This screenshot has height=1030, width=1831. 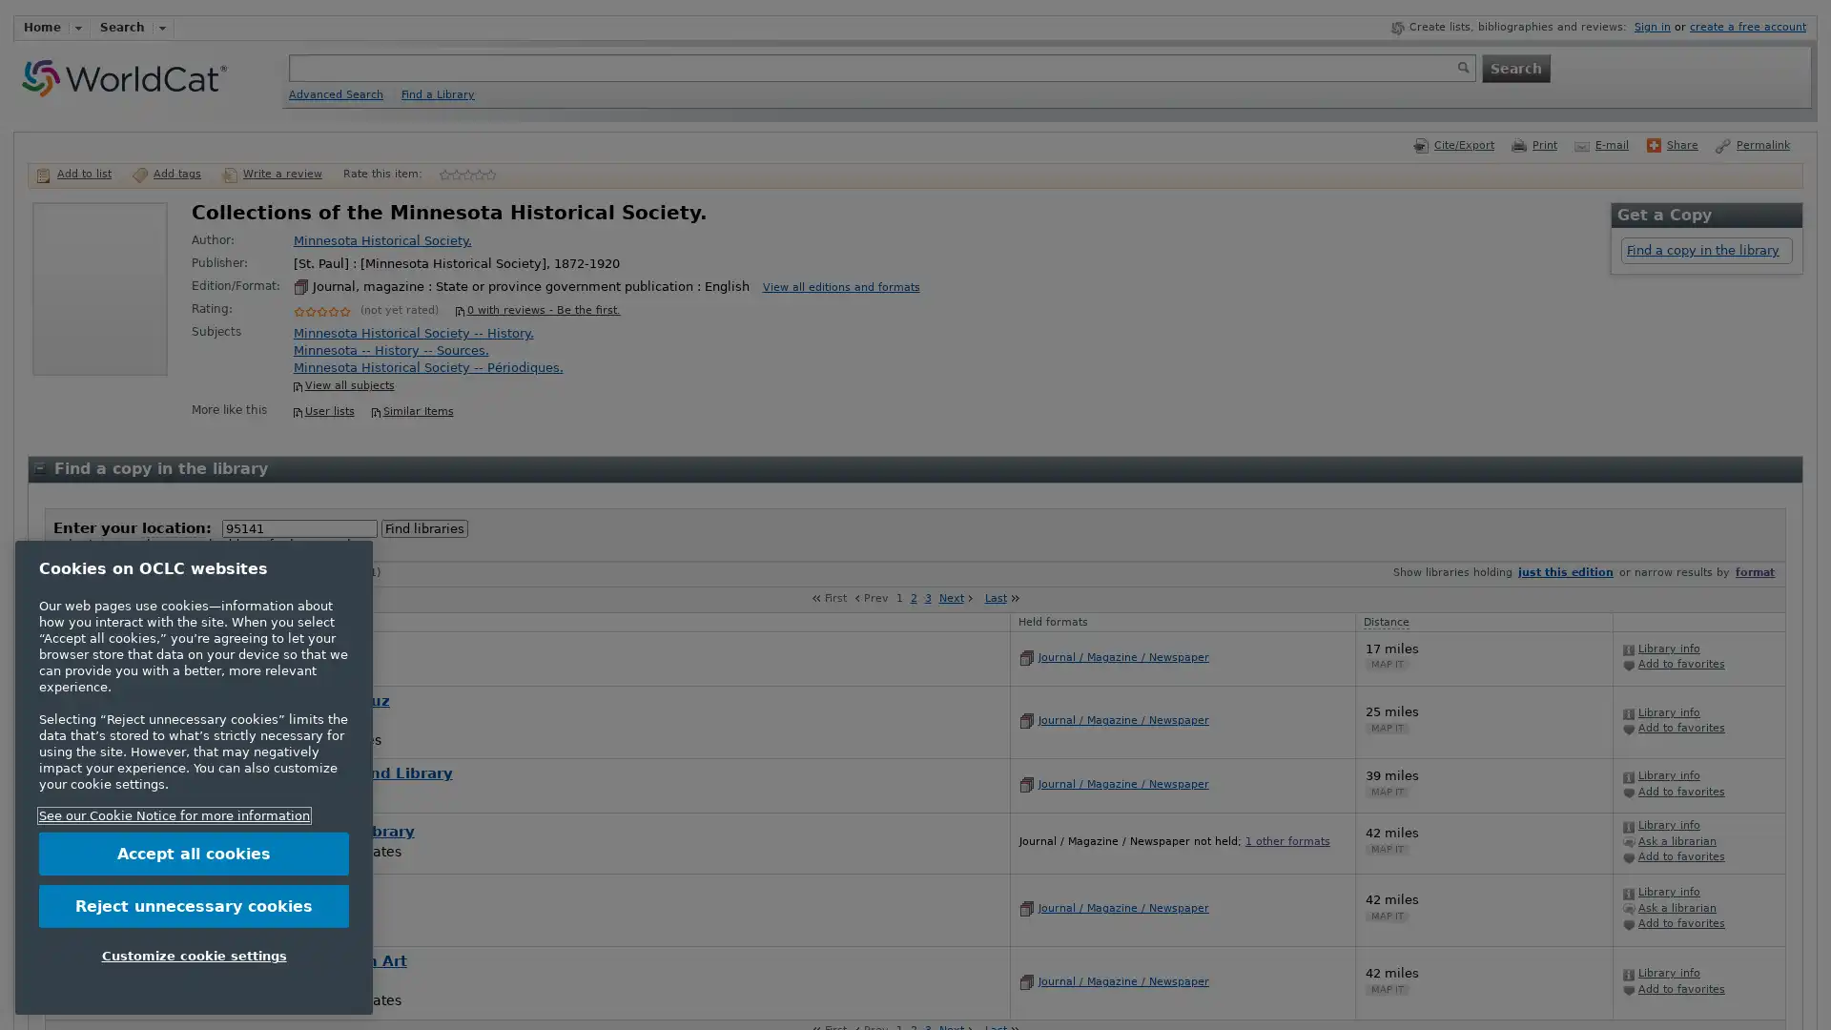 What do you see at coordinates (194, 904) in the screenshot?
I see `Reject unnecessary cookies` at bounding box center [194, 904].